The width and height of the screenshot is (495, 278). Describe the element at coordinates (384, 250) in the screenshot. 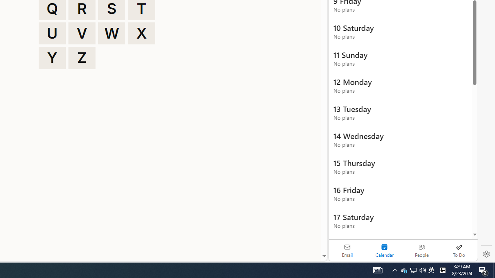

I see `'Selected calendar module. Date today is 22'` at that location.